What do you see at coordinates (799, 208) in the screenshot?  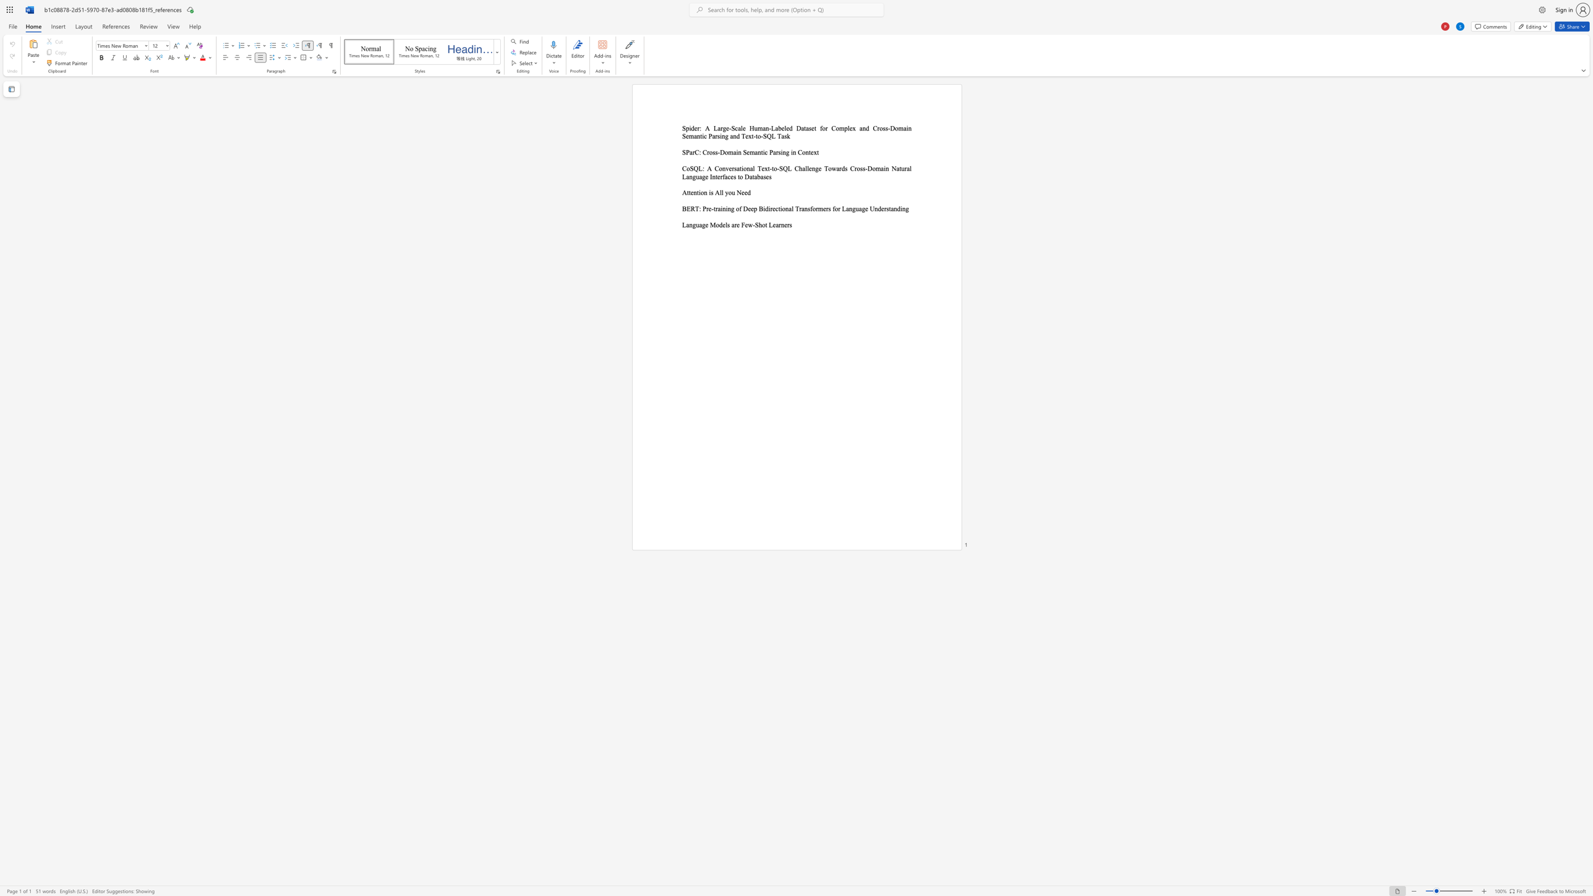 I see `the subset text "ransformers" within the text "BERT: Pre-training of Deep Bidirectional Transformers for Language Understanding"` at bounding box center [799, 208].